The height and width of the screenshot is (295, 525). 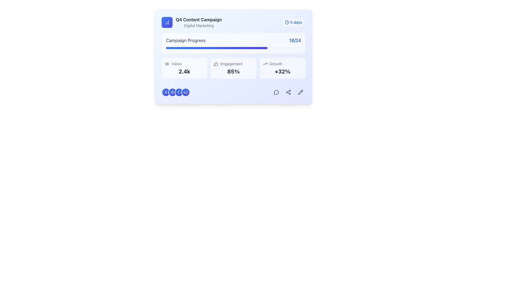 What do you see at coordinates (265, 64) in the screenshot?
I see `the small upward arrow icon located beside the text '+32%' in the bottom-right section of the card, which signifies an upward trend and is part of the 'Growth' label` at bounding box center [265, 64].